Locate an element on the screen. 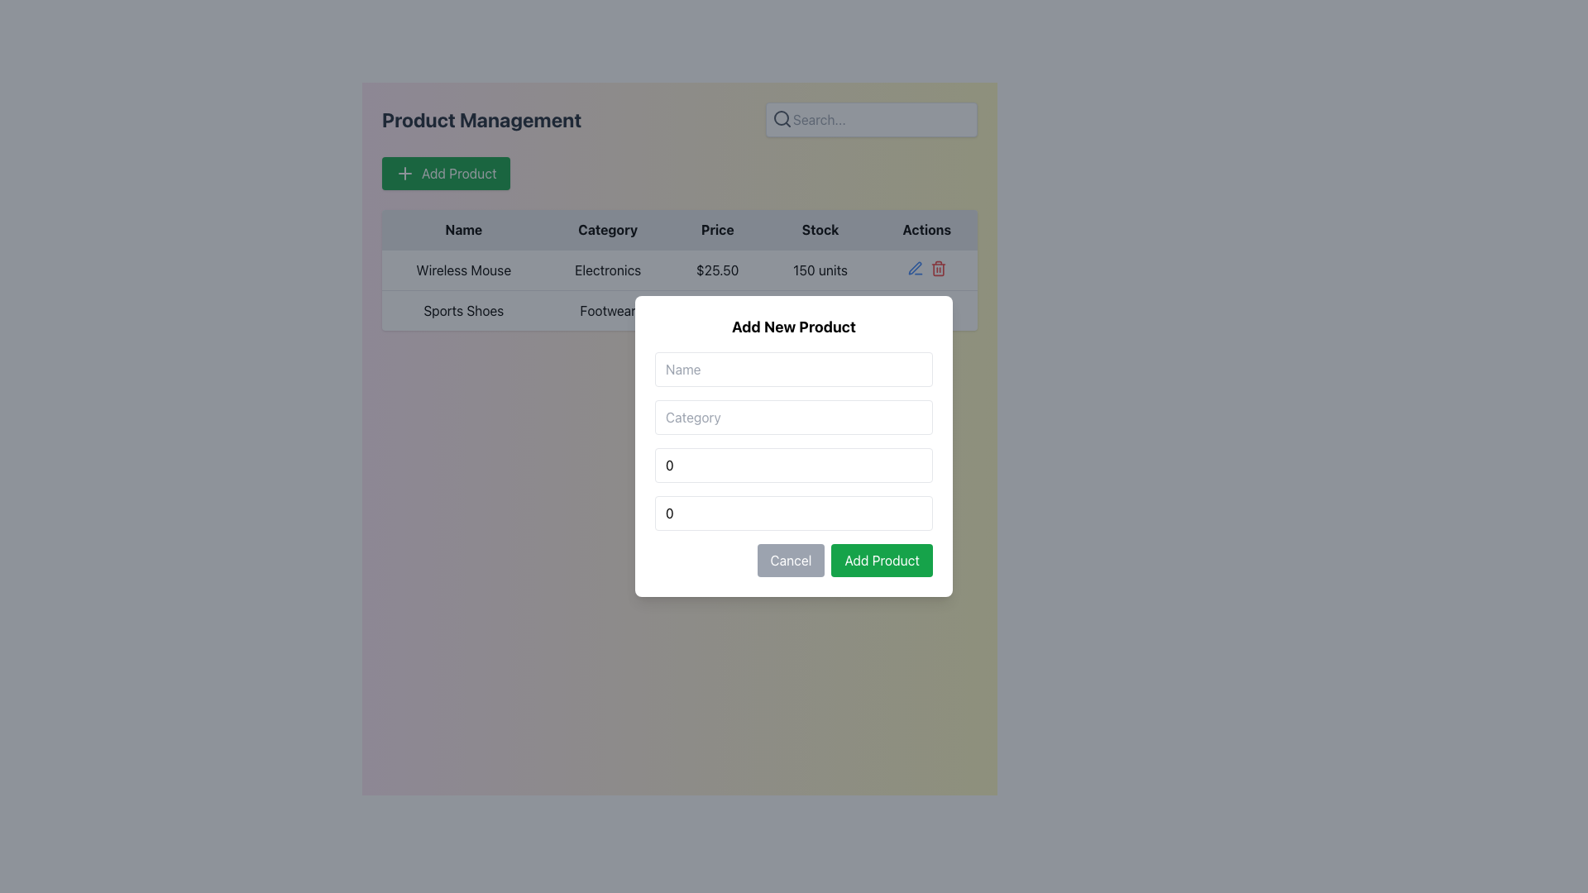 The height and width of the screenshot is (893, 1588). the text label displaying '150 units' located in the fourth cell of the first row of the 'Stock' column in the table is located at coordinates (820, 270).